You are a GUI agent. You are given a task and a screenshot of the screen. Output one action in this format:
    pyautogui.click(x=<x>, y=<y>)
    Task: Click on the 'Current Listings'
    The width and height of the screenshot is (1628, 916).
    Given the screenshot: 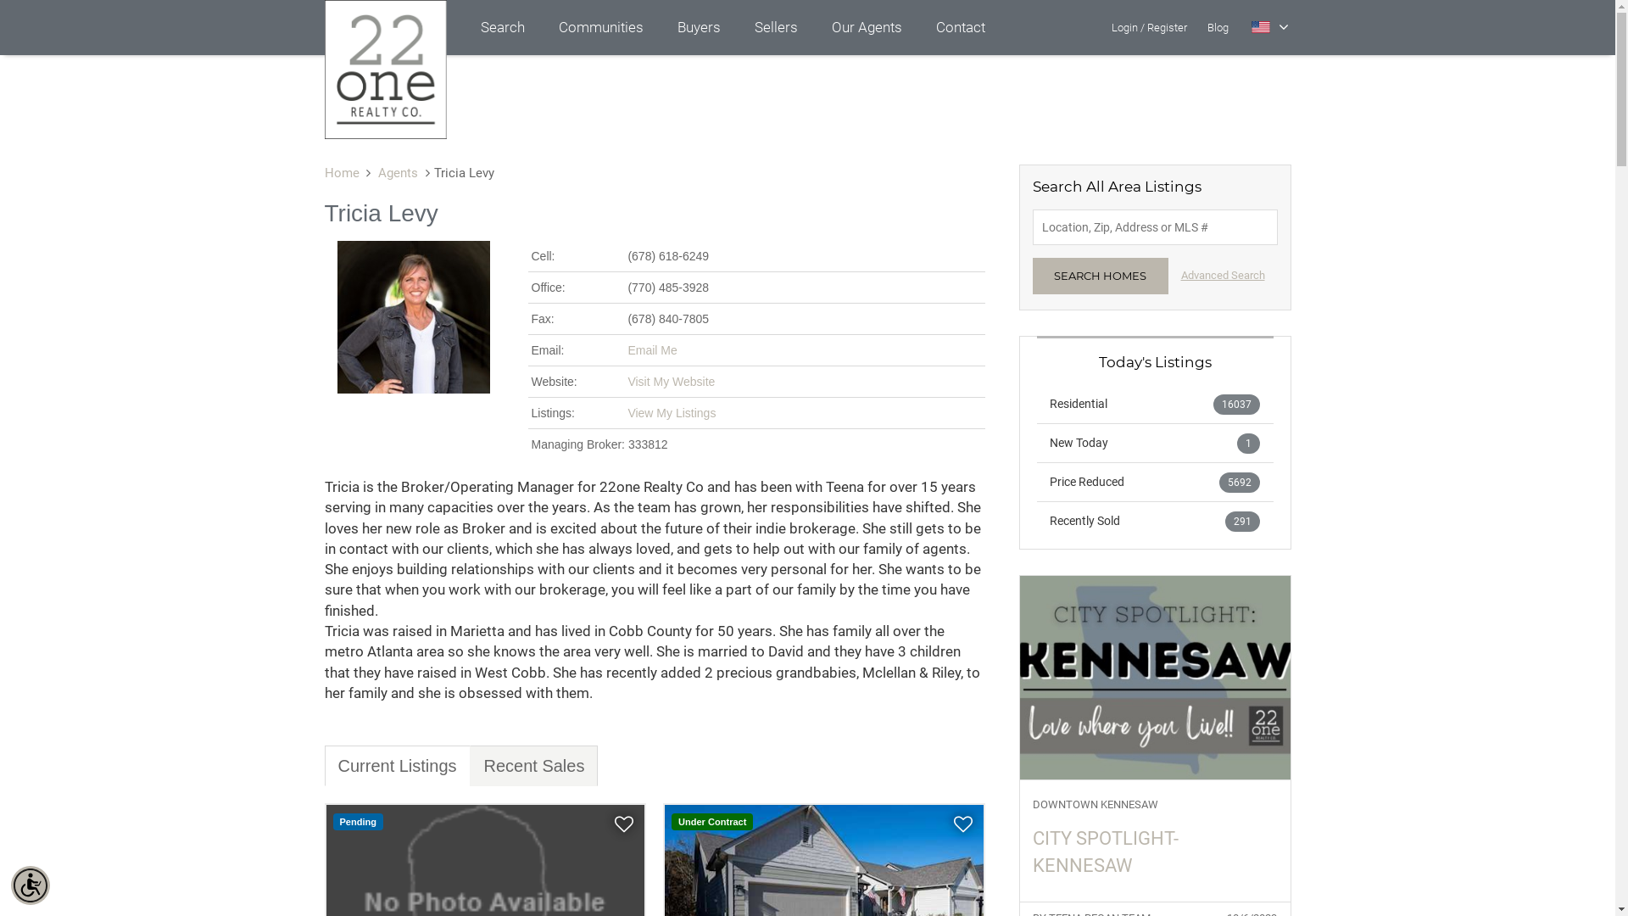 What is the action you would take?
    pyautogui.click(x=324, y=765)
    